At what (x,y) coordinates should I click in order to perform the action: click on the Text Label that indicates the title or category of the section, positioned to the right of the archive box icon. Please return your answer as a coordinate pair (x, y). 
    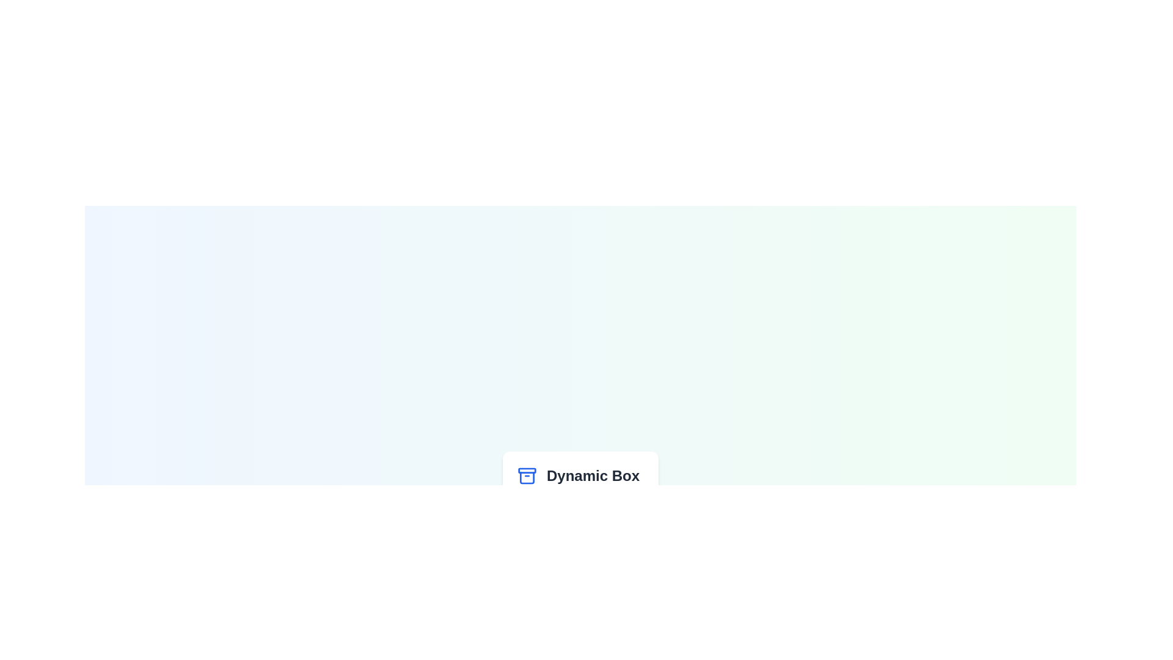
    Looking at the image, I should click on (593, 475).